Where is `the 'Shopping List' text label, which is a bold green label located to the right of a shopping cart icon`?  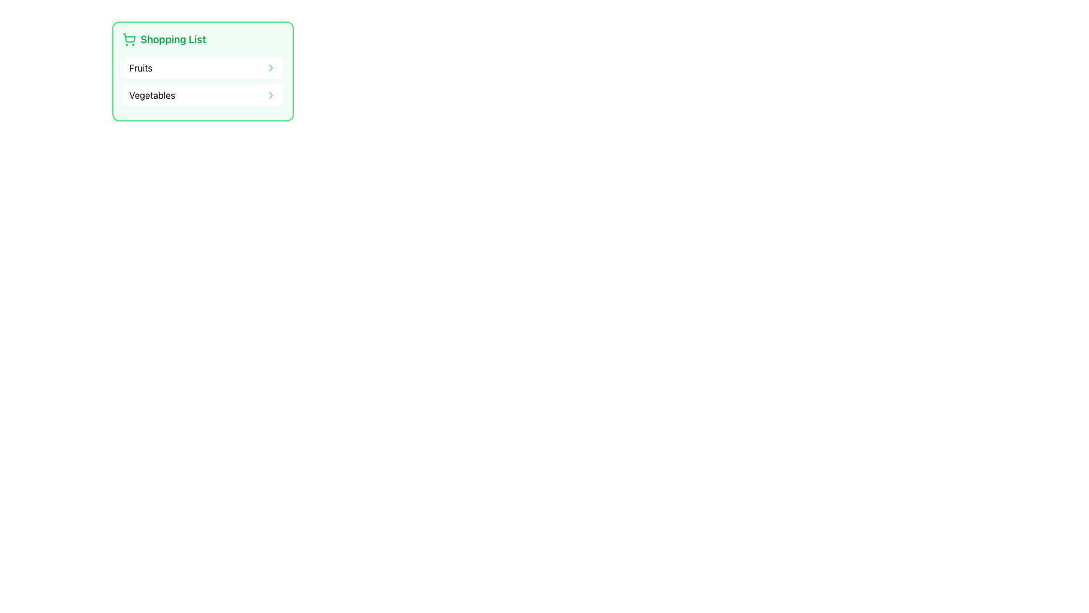
the 'Shopping List' text label, which is a bold green label located to the right of a shopping cart icon is located at coordinates (172, 39).